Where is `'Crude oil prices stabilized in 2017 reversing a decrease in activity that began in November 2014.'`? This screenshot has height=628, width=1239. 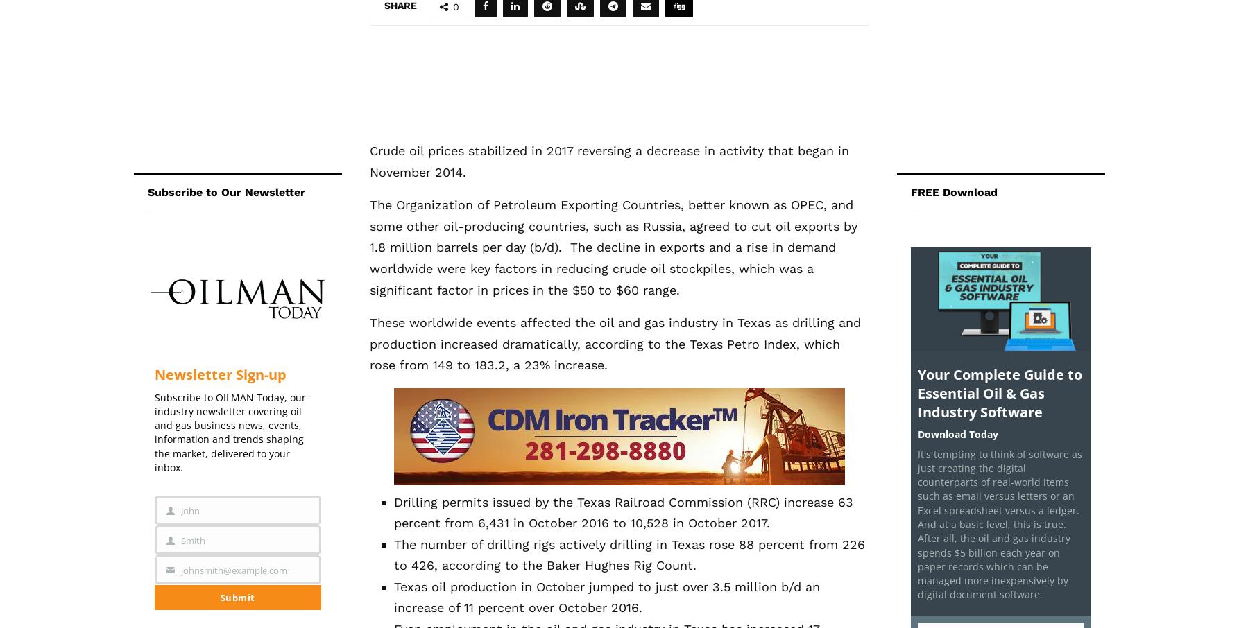 'Crude oil prices stabilized in 2017 reversing a decrease in activity that began in November 2014.' is located at coordinates (608, 161).